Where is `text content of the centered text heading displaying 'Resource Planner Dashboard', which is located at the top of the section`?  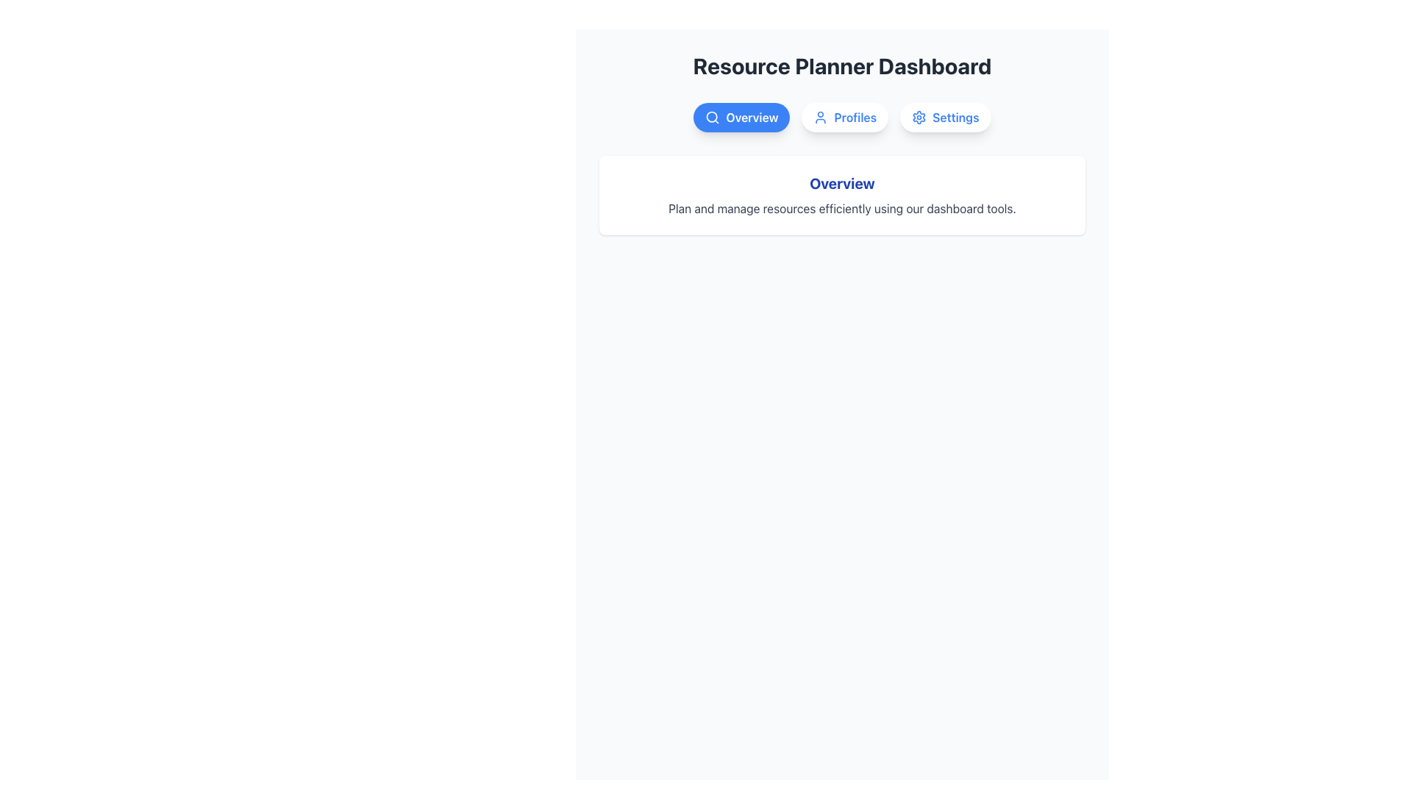
text content of the centered text heading displaying 'Resource Planner Dashboard', which is located at the top of the section is located at coordinates (842, 65).